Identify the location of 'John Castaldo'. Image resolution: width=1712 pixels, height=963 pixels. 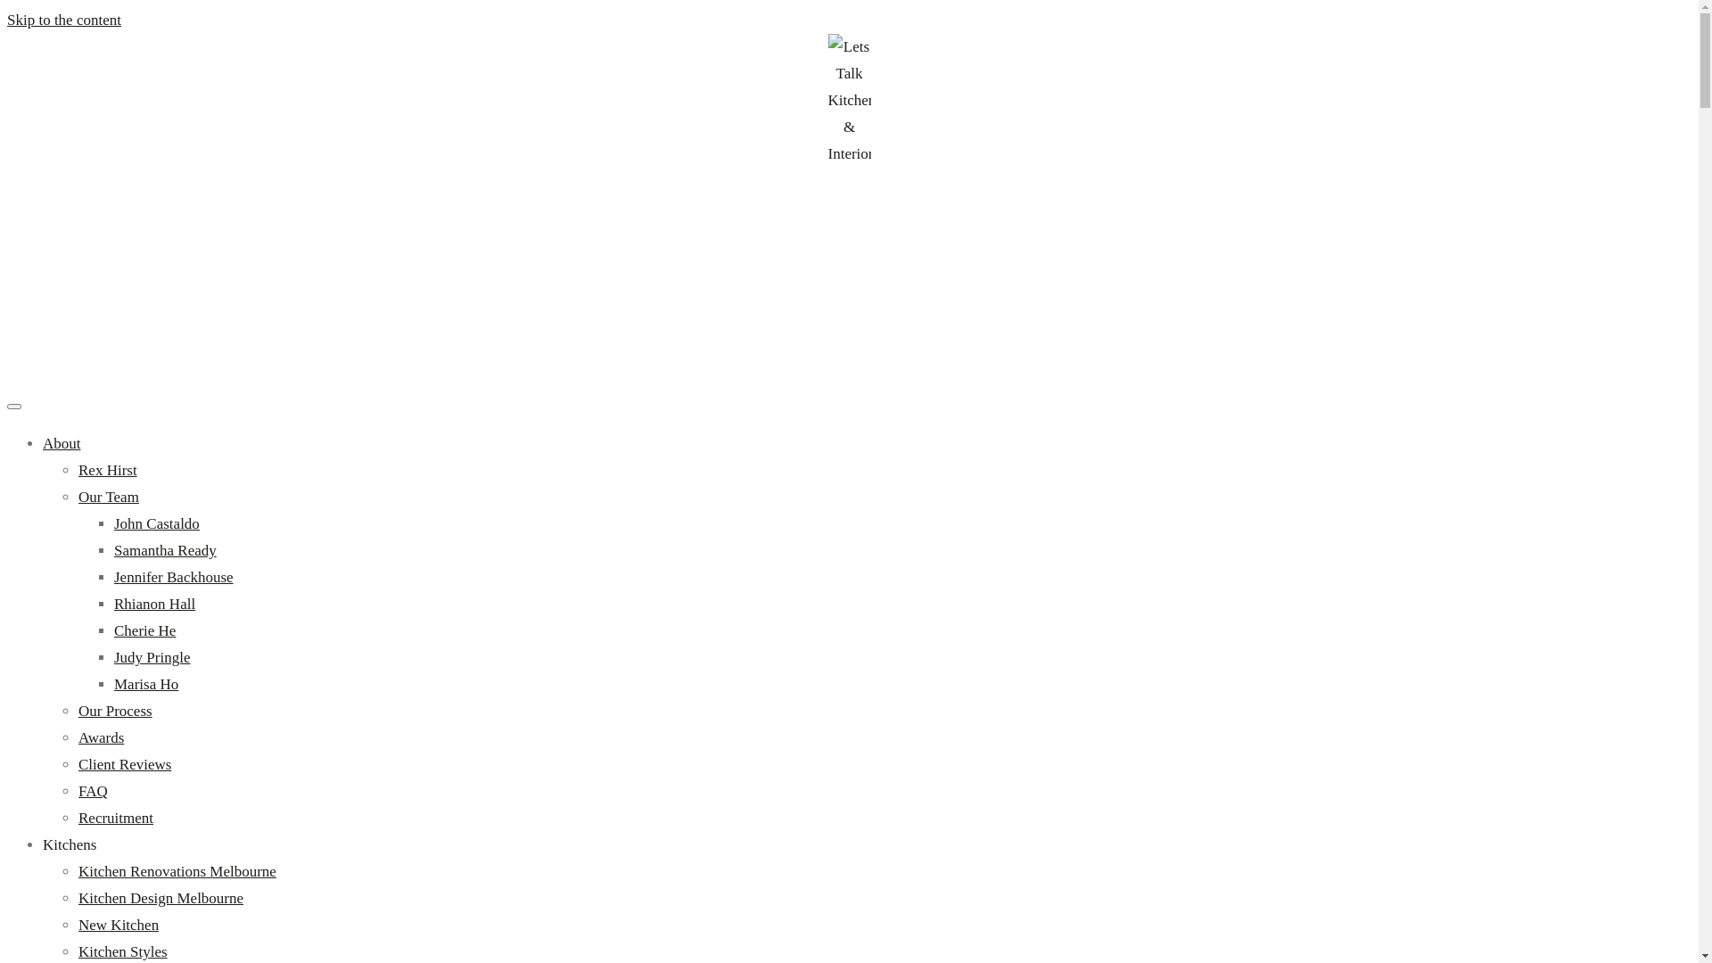
(157, 523).